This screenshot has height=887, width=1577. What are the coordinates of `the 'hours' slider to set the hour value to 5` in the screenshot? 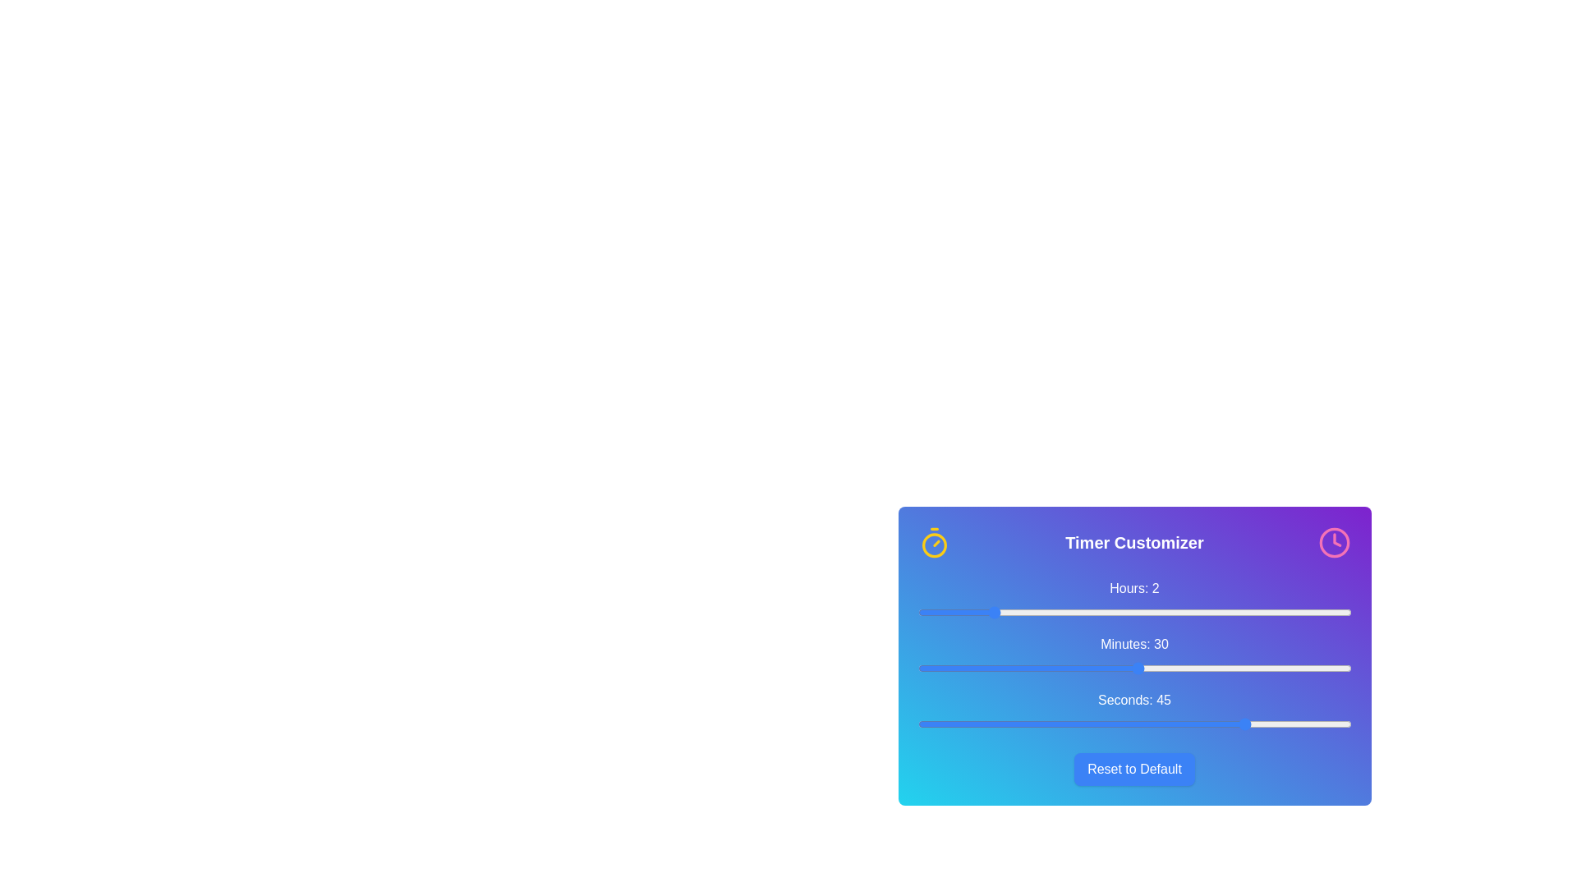 It's located at (1098, 612).